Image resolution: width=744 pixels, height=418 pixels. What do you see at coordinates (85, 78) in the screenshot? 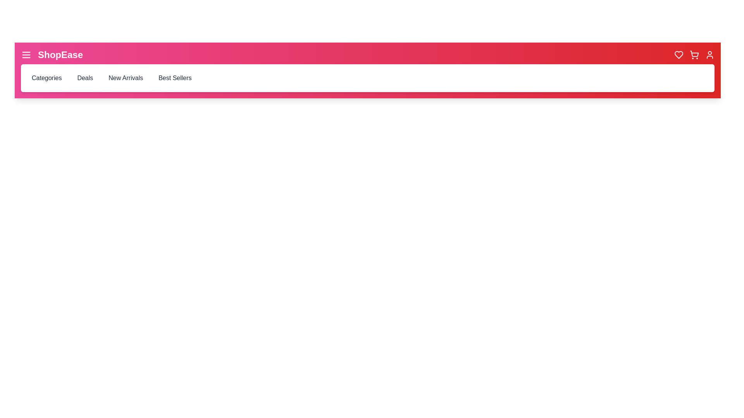
I see `the 'Deals' button in the navigation bar` at bounding box center [85, 78].